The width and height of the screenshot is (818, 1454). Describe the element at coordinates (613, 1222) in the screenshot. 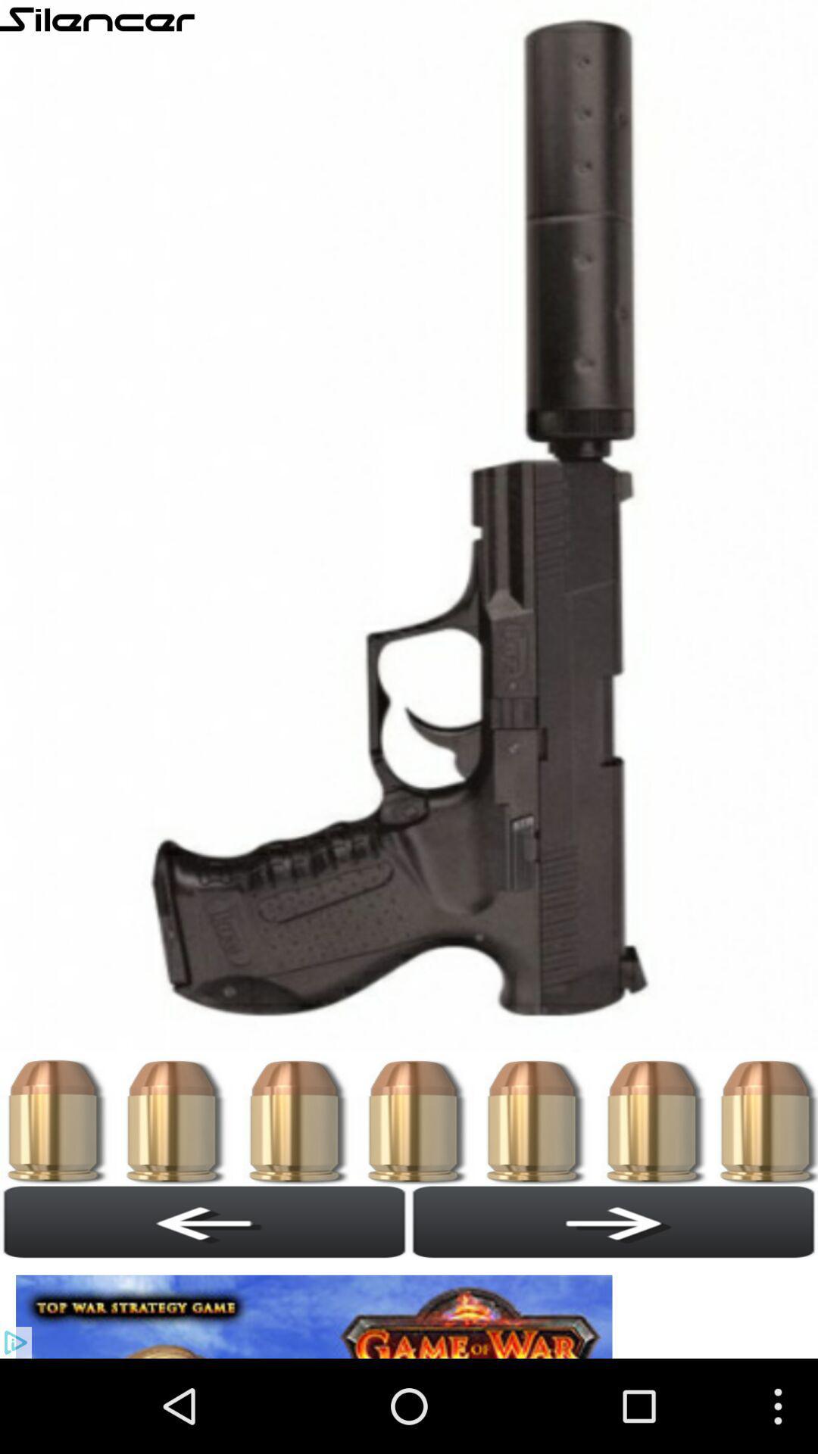

I see `next weapon` at that location.